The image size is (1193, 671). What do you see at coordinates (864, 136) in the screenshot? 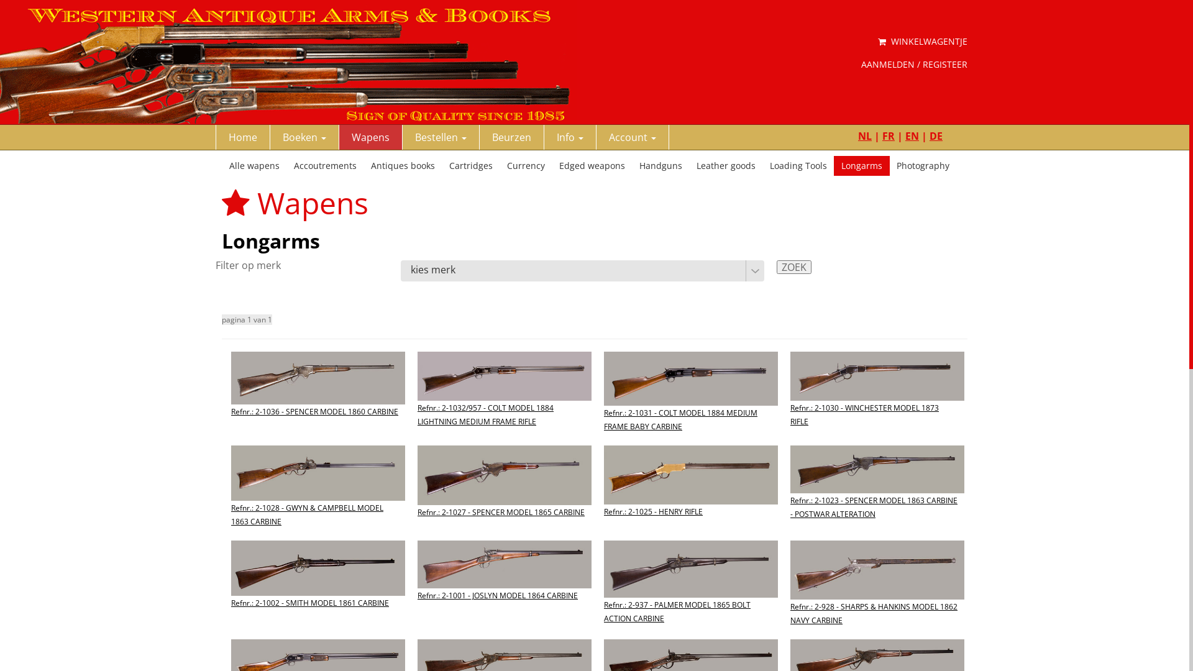
I see `'NL'` at bounding box center [864, 136].